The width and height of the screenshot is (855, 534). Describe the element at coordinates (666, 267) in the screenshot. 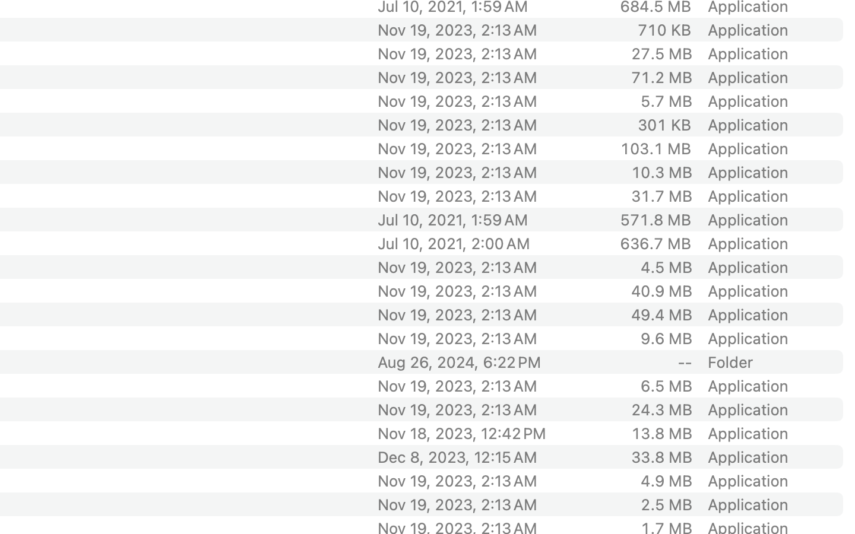

I see `'4.5 MB'` at that location.